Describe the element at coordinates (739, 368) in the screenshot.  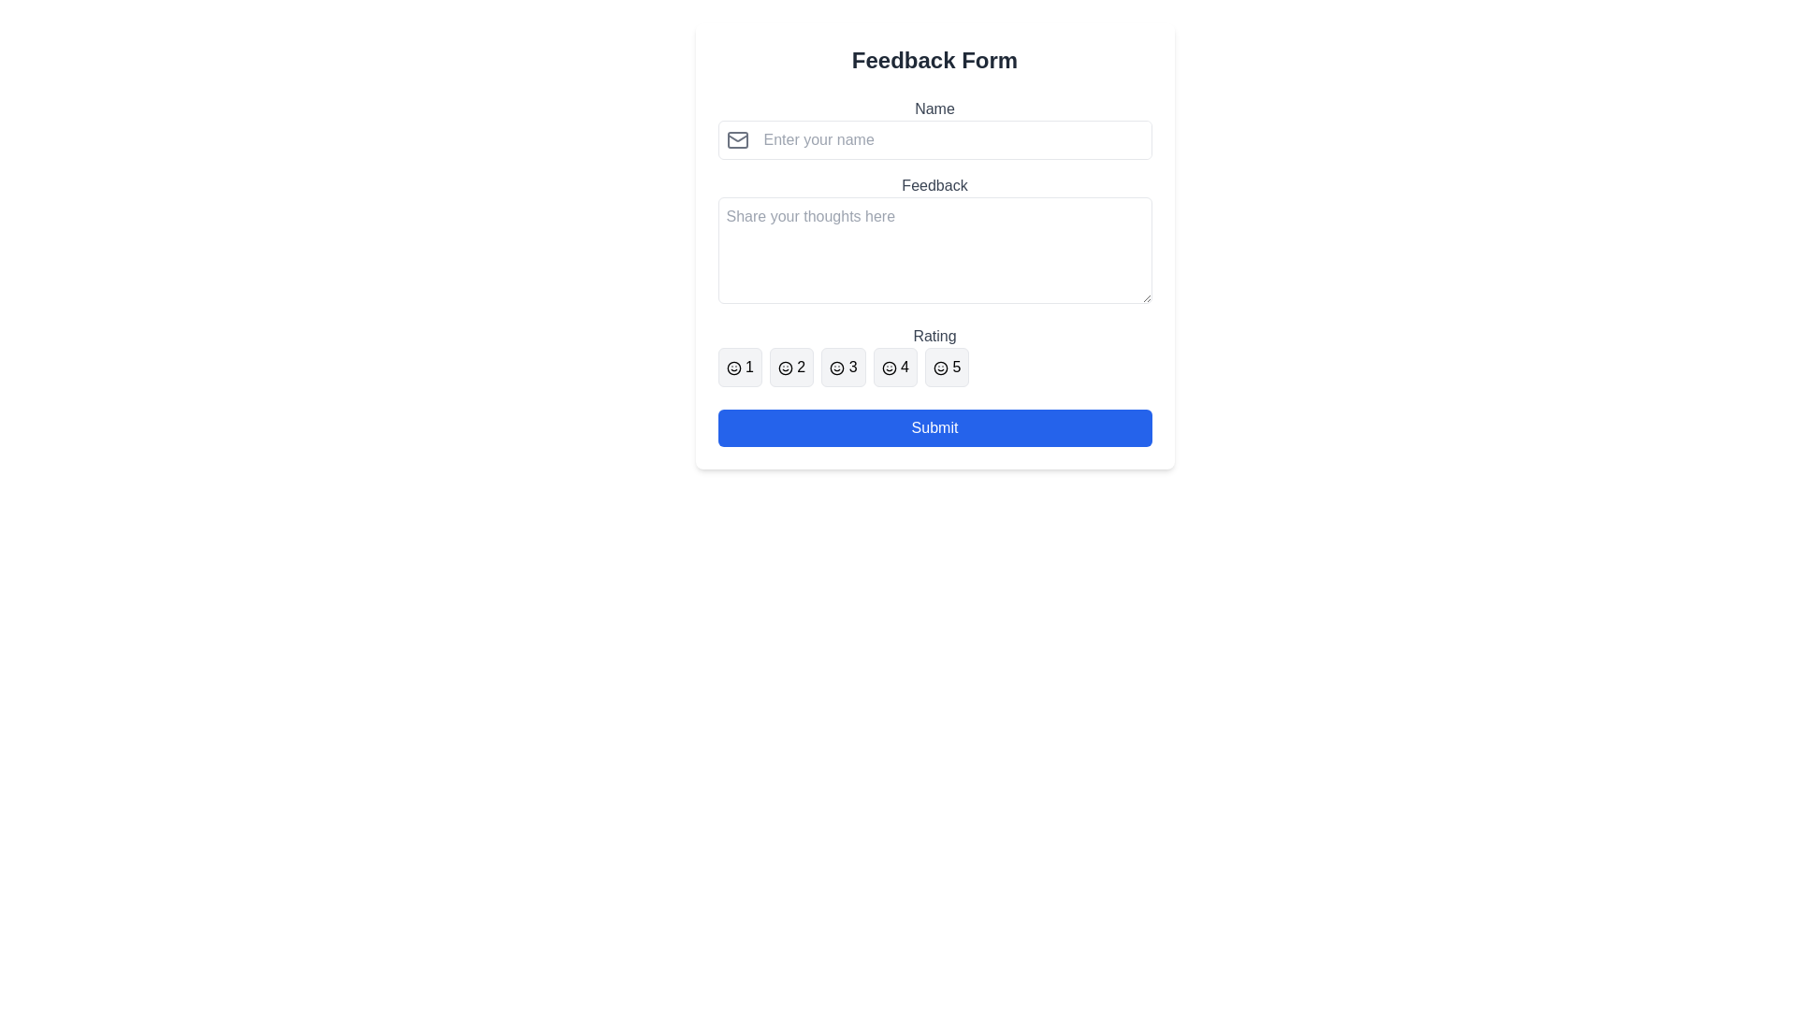
I see `the small button with rounded corners and a smiley face icon` at that location.